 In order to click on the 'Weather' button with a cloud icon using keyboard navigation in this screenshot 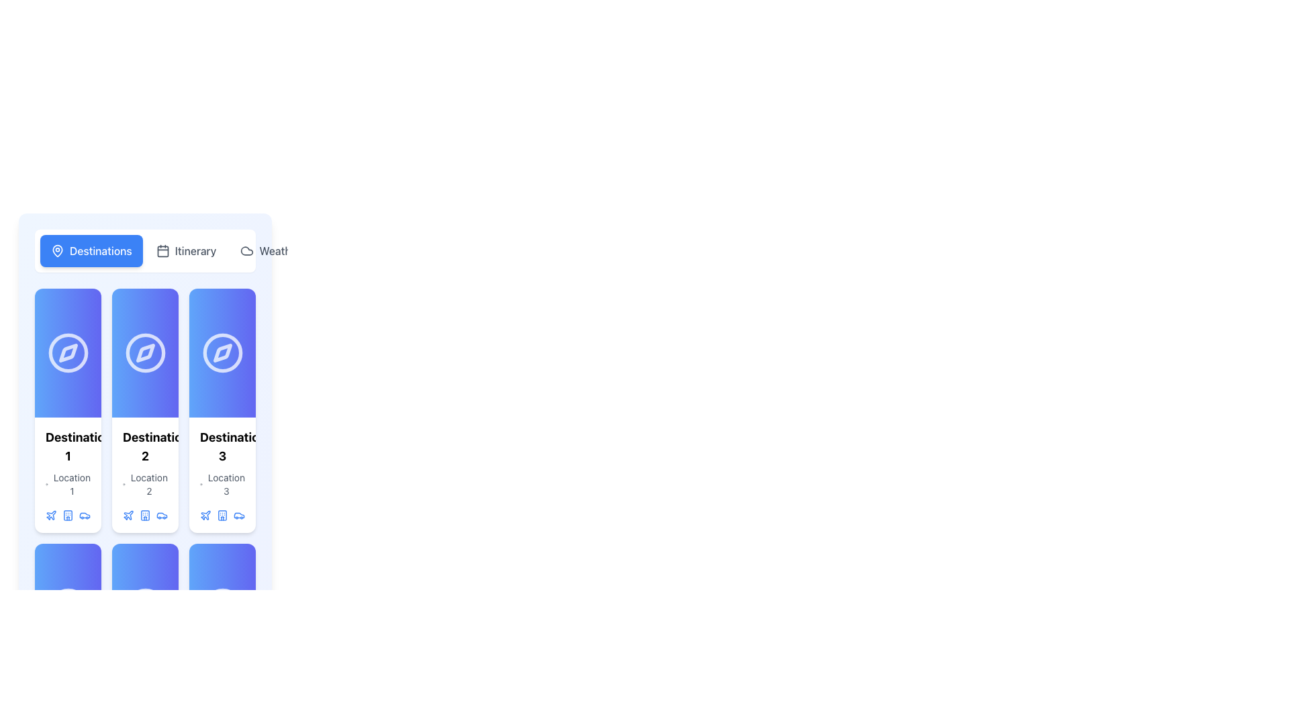, I will do `click(270, 251)`.